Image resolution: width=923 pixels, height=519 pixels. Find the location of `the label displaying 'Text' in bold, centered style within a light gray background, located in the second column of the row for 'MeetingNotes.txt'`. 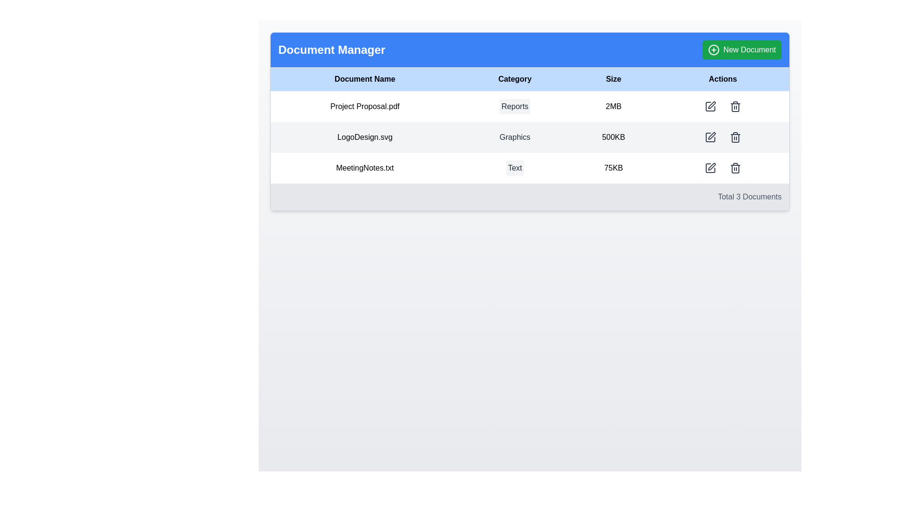

the label displaying 'Text' in bold, centered style within a light gray background, located in the second column of the row for 'MeetingNotes.txt' is located at coordinates (514, 168).